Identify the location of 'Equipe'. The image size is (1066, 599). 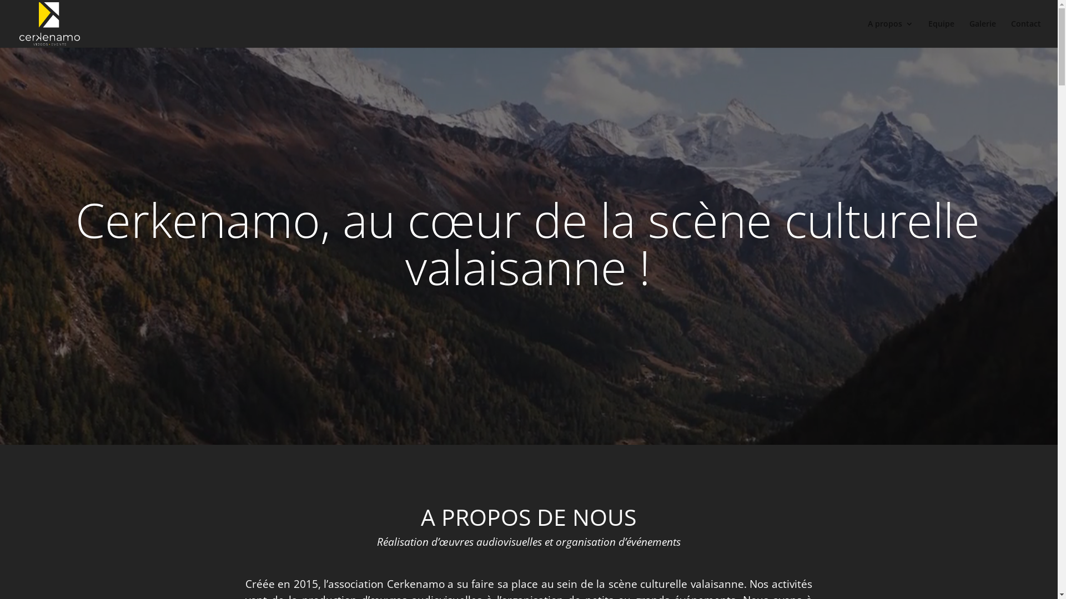
(941, 33).